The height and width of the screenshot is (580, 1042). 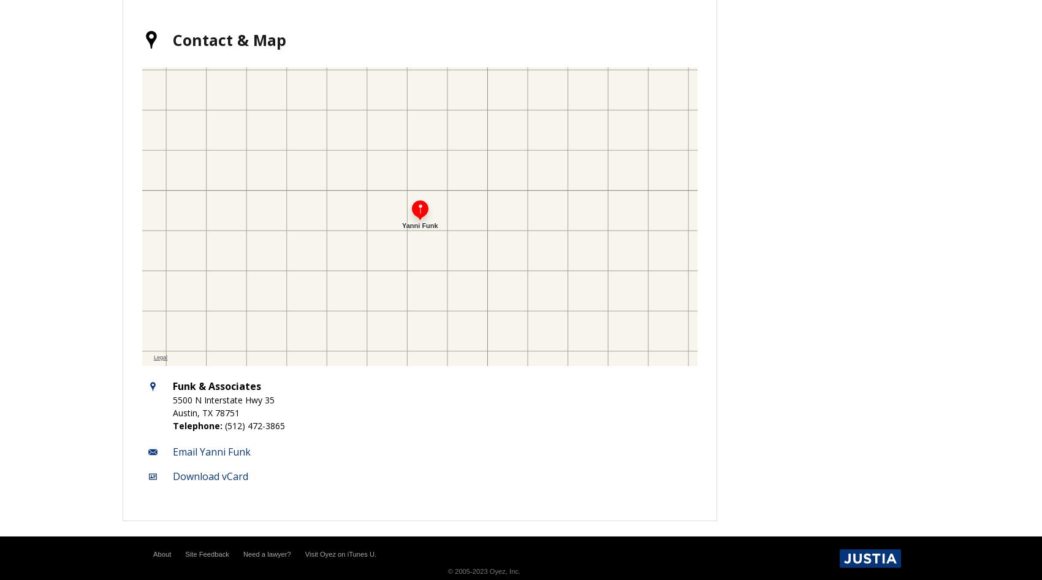 What do you see at coordinates (210, 475) in the screenshot?
I see `'Download vCard'` at bounding box center [210, 475].